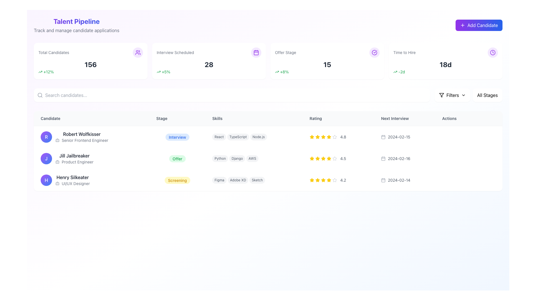 This screenshot has height=307, width=546. Describe the element at coordinates (75, 183) in the screenshot. I see `the 'UI/UX Designer' label located below 'Henry Silkeater' and next to the briefcase icon in the candidate section of the table` at that location.